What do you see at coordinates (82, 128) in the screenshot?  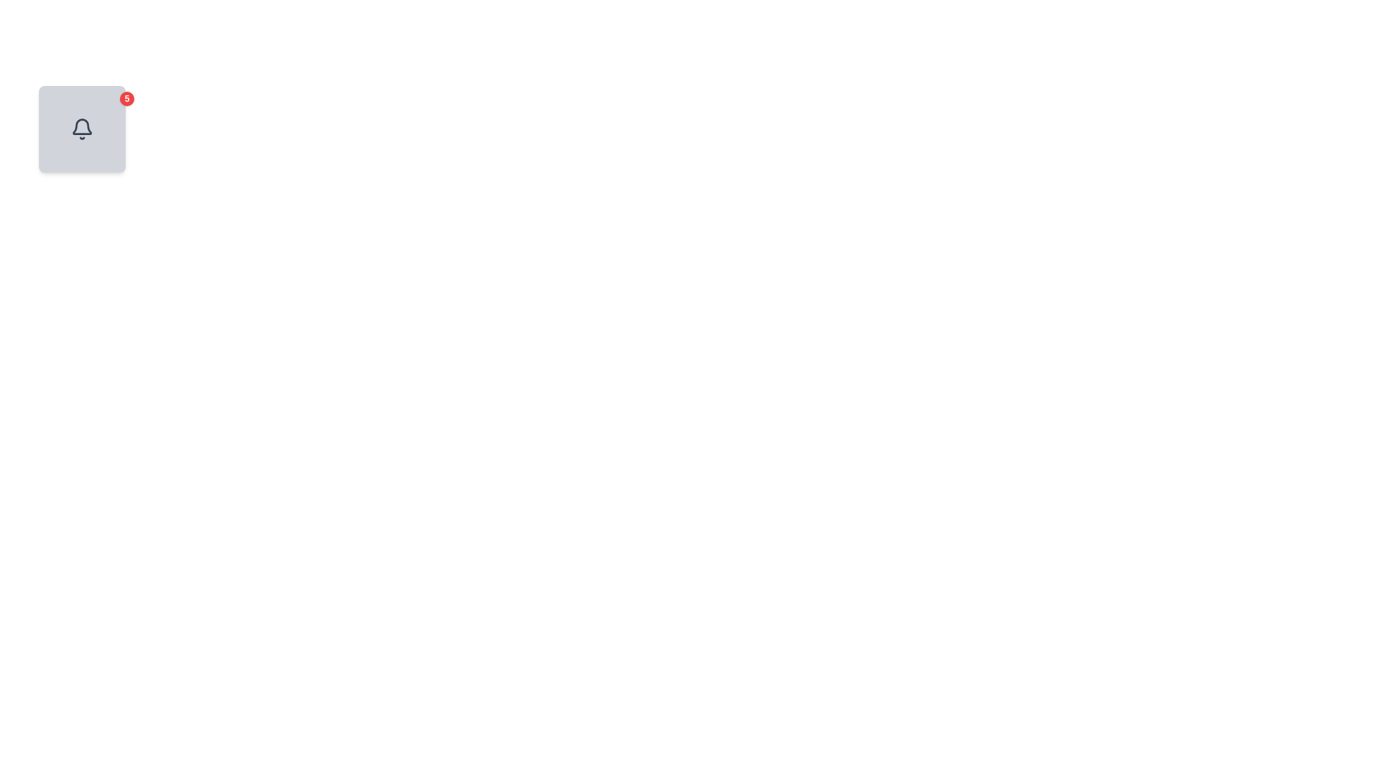 I see `the bell-shaped icon button with a dark gray outline, located within a lighter gray rounded square background` at bounding box center [82, 128].